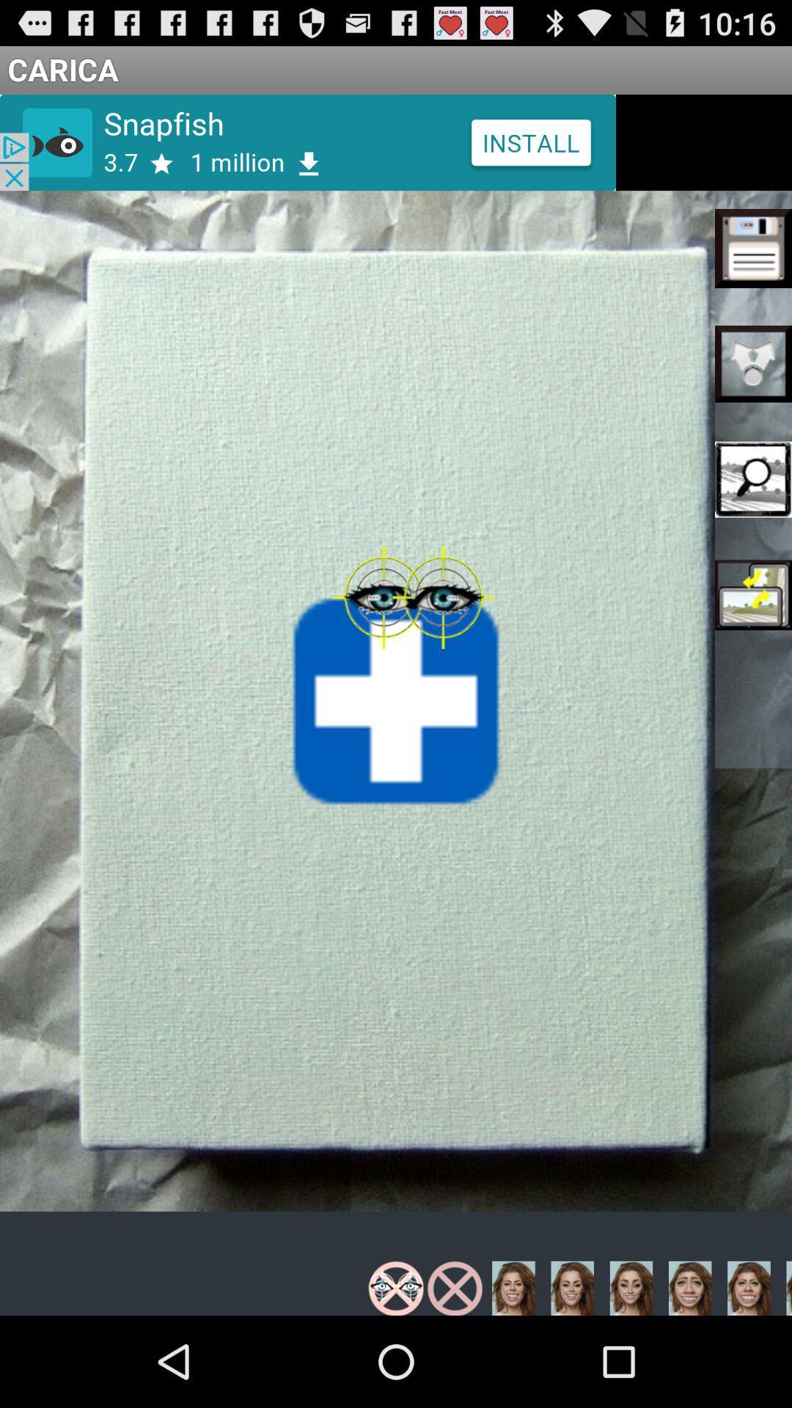  Describe the element at coordinates (690, 1287) in the screenshot. I see `the image which is in the third place form the bottom right corner choosing from right side of the screen` at that location.